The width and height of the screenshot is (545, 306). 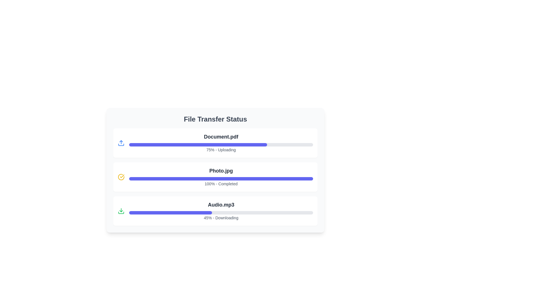 I want to click on the progress bar indicating 75% completion, located within the 'Document.pdf' row, so click(x=198, y=144).